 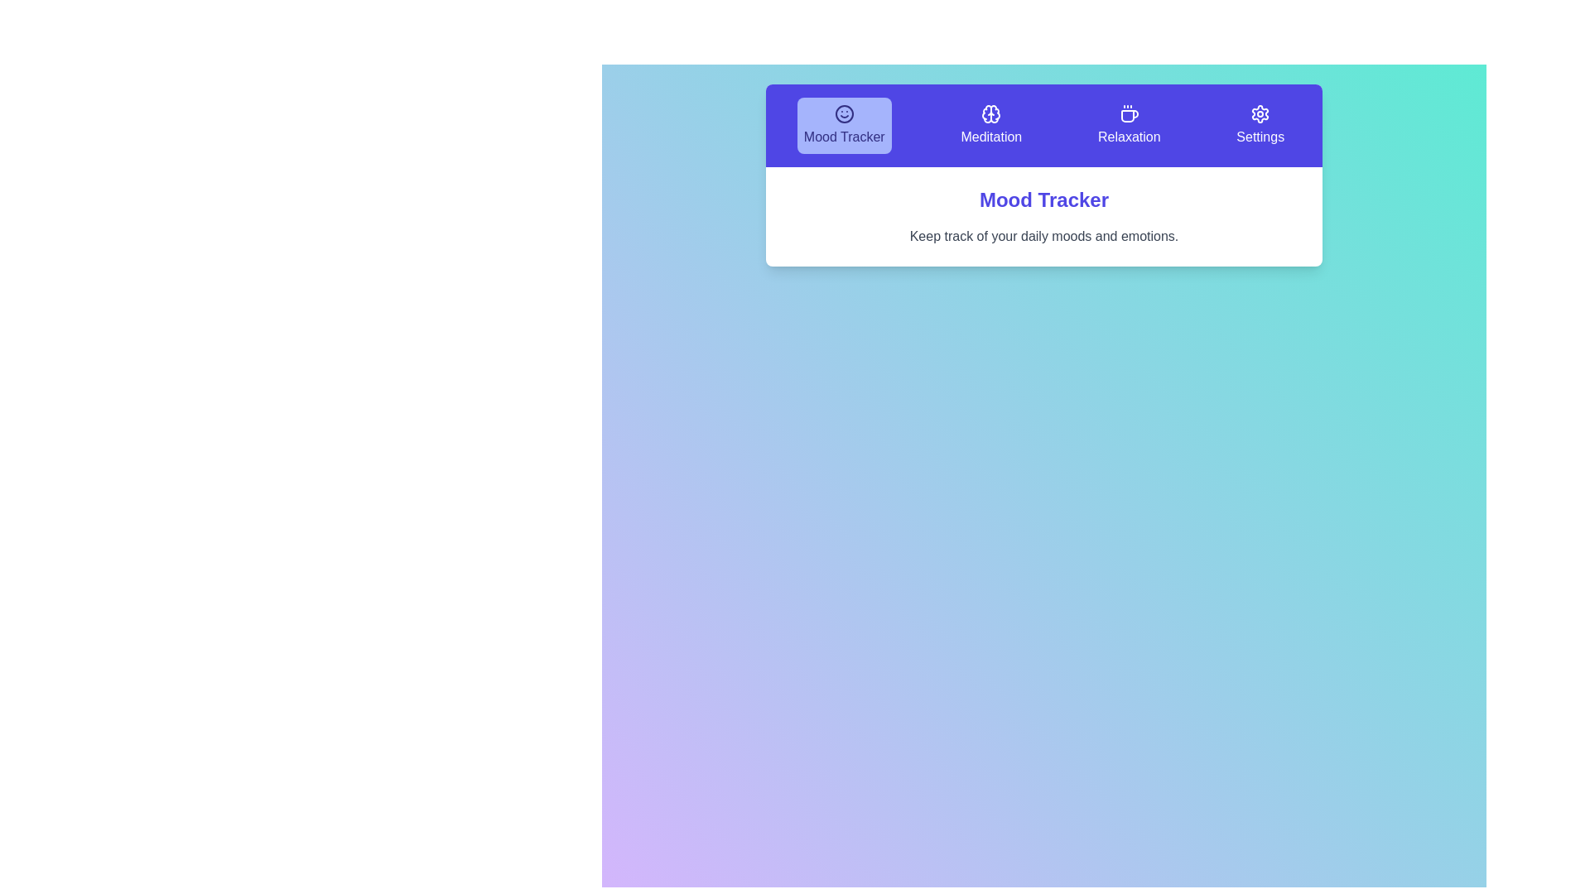 What do you see at coordinates (1260, 113) in the screenshot?
I see `the cogwheel-shaped icon in the settings tab located at the top-right of the interface` at bounding box center [1260, 113].